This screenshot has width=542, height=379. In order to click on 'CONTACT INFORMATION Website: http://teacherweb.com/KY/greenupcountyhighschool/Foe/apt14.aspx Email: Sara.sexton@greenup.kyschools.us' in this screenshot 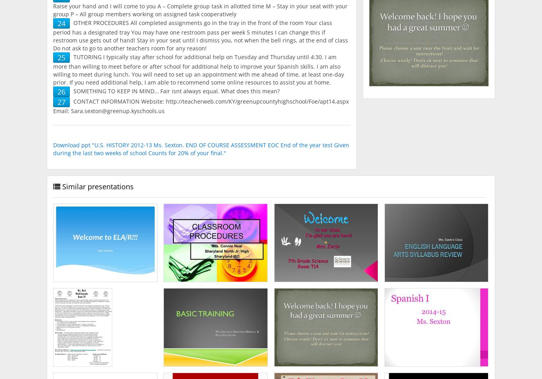, I will do `click(201, 106)`.